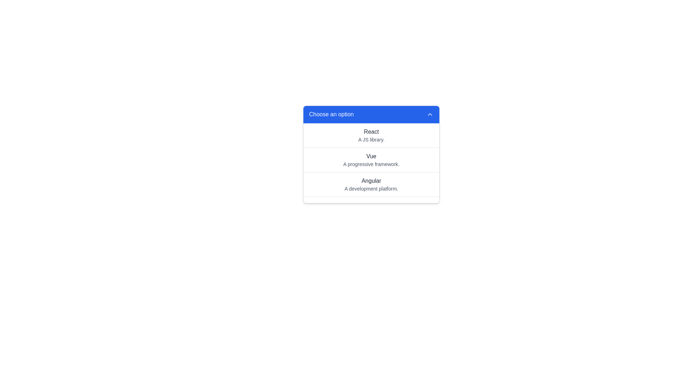  Describe the element at coordinates (371, 156) in the screenshot. I see `the 'Vue' text label located at the top of the middle section of the dropdown menu, which serves as the heading for the corresponding menu item` at that location.